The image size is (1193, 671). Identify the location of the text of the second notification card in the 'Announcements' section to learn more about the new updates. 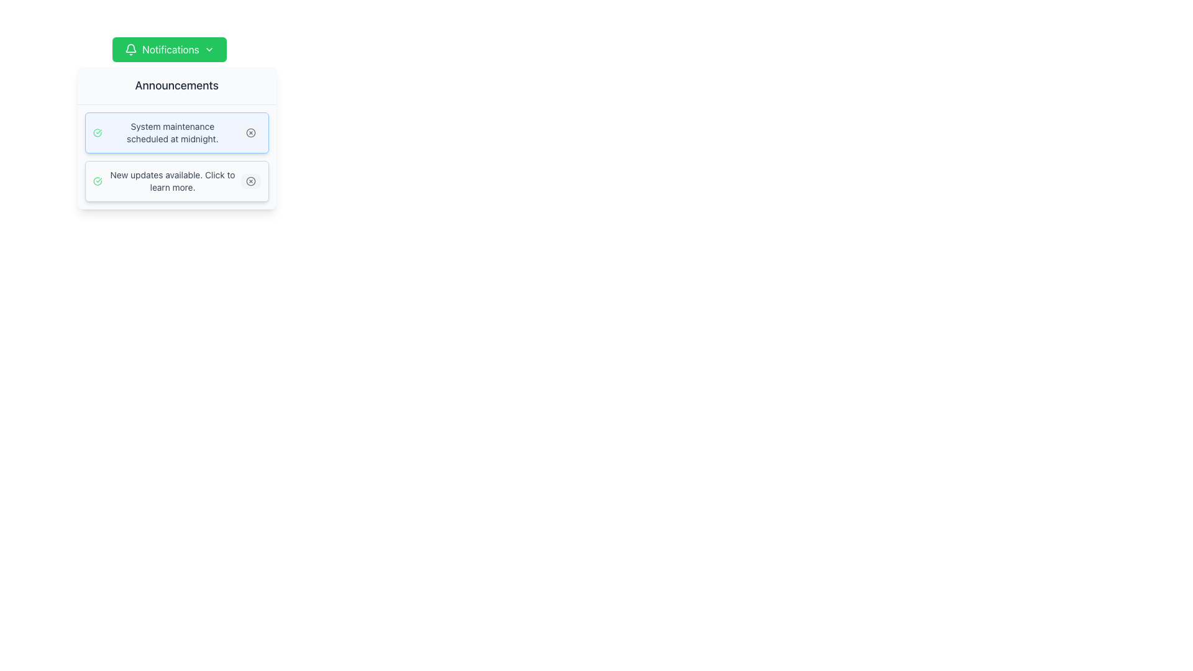
(176, 181).